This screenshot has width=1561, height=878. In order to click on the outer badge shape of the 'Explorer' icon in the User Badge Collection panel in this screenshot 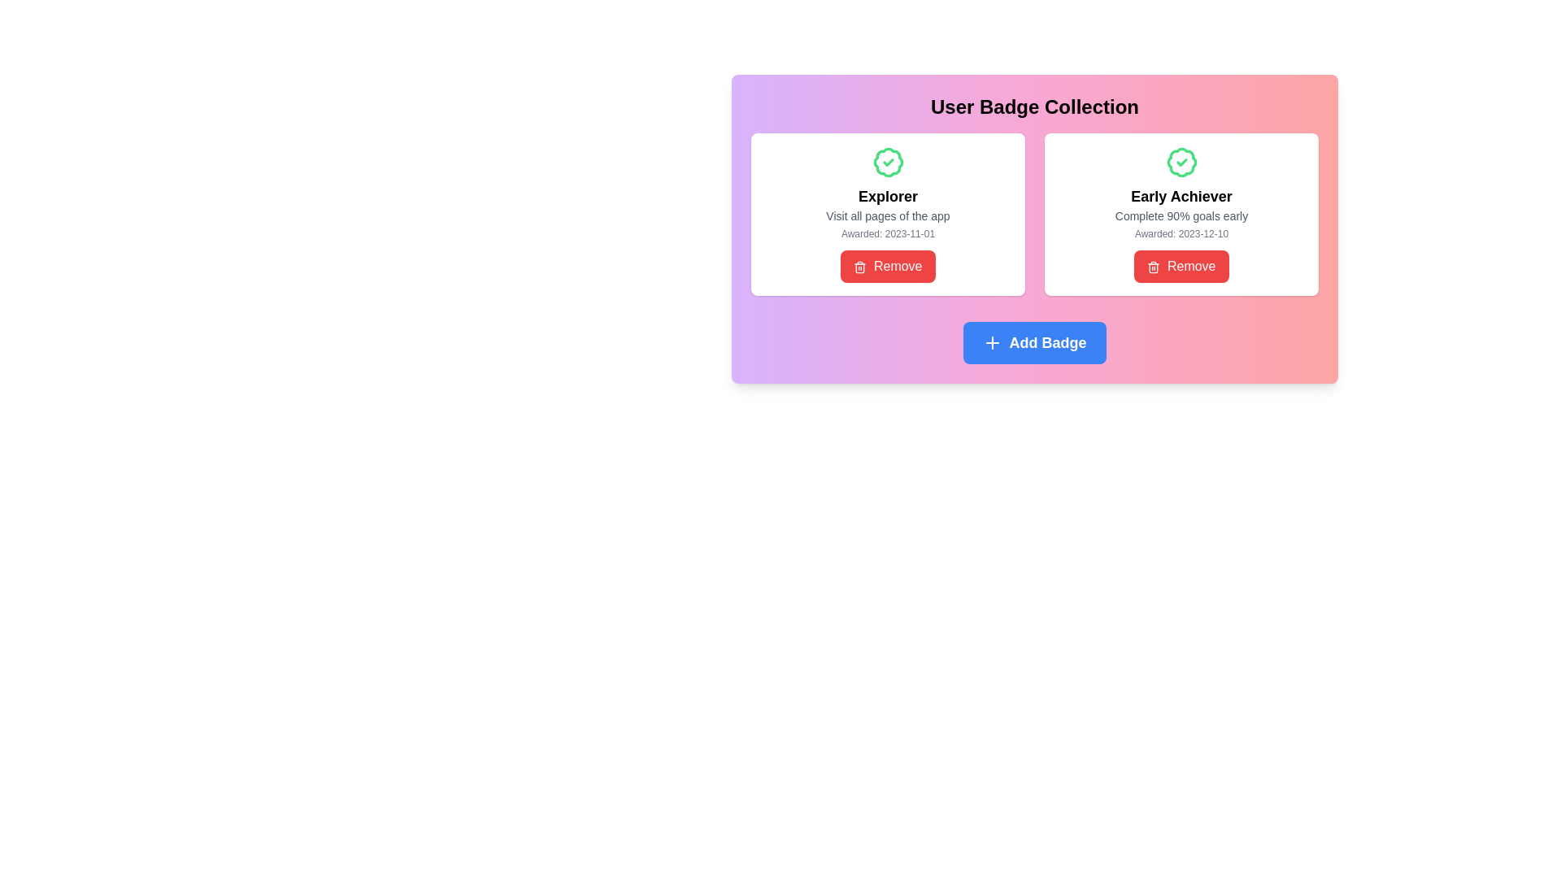, I will do `click(887, 163)`.